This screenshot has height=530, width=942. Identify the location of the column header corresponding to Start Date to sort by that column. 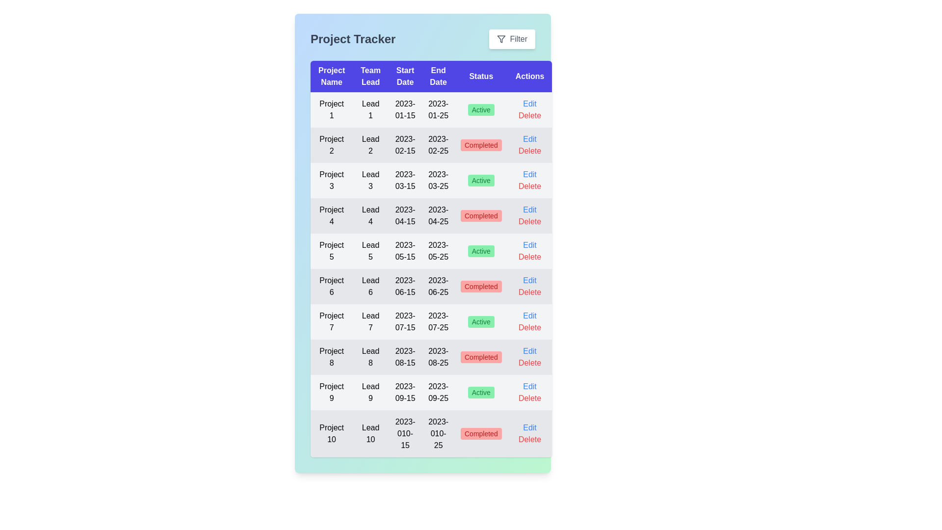
(405, 76).